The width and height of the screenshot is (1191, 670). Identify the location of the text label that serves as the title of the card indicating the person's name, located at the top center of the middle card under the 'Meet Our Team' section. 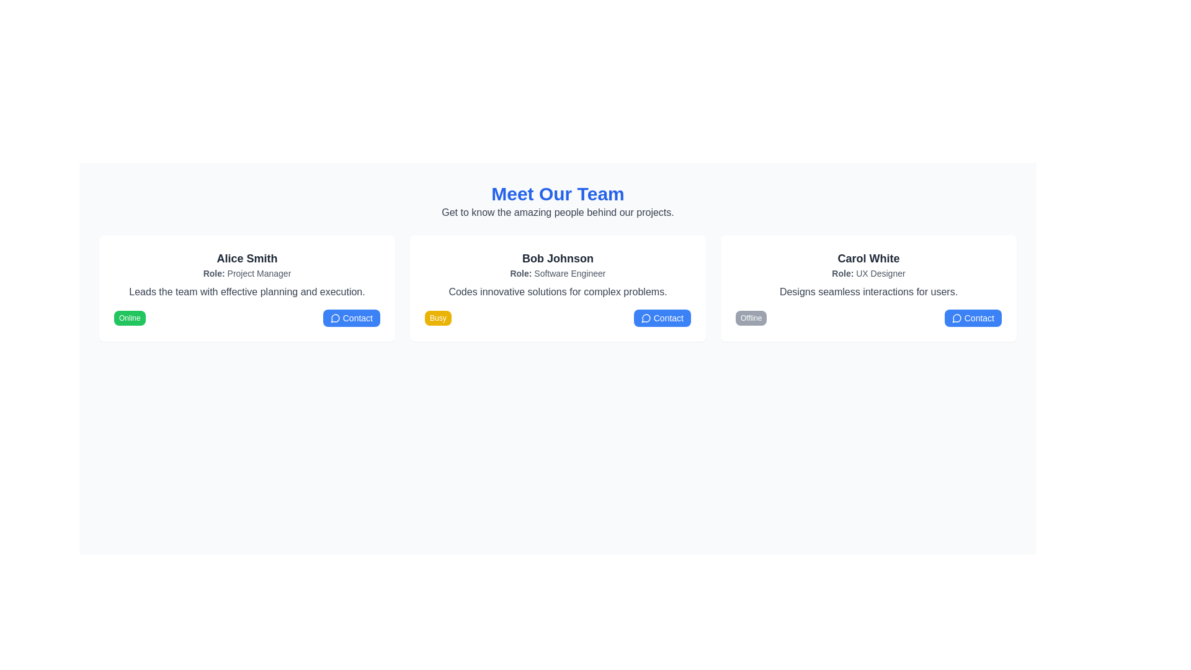
(557, 257).